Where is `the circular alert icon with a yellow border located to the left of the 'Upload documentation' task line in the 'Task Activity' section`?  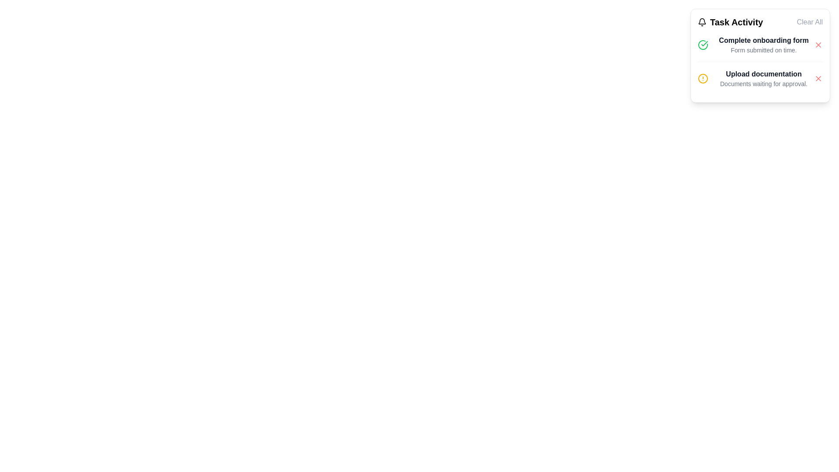
the circular alert icon with a yellow border located to the left of the 'Upload documentation' task line in the 'Task Activity' section is located at coordinates (703, 79).